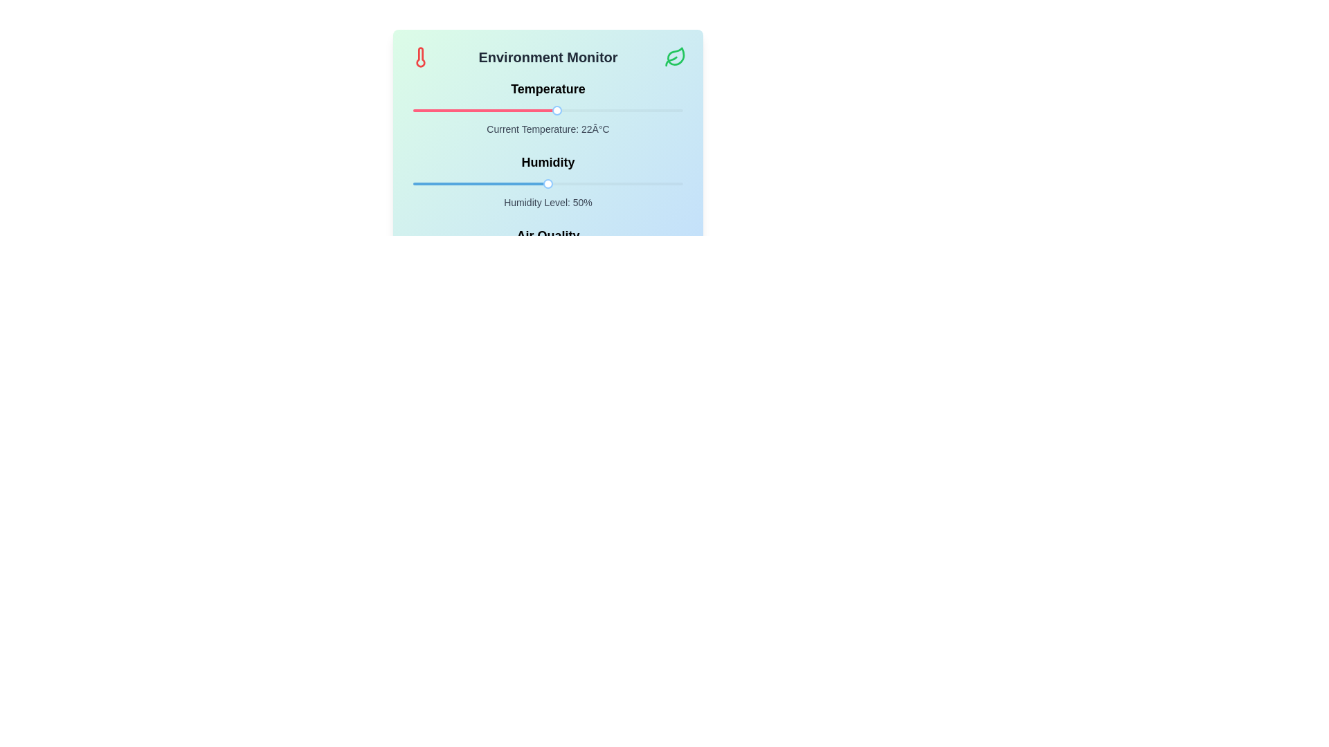  I want to click on humidity, so click(586, 183).